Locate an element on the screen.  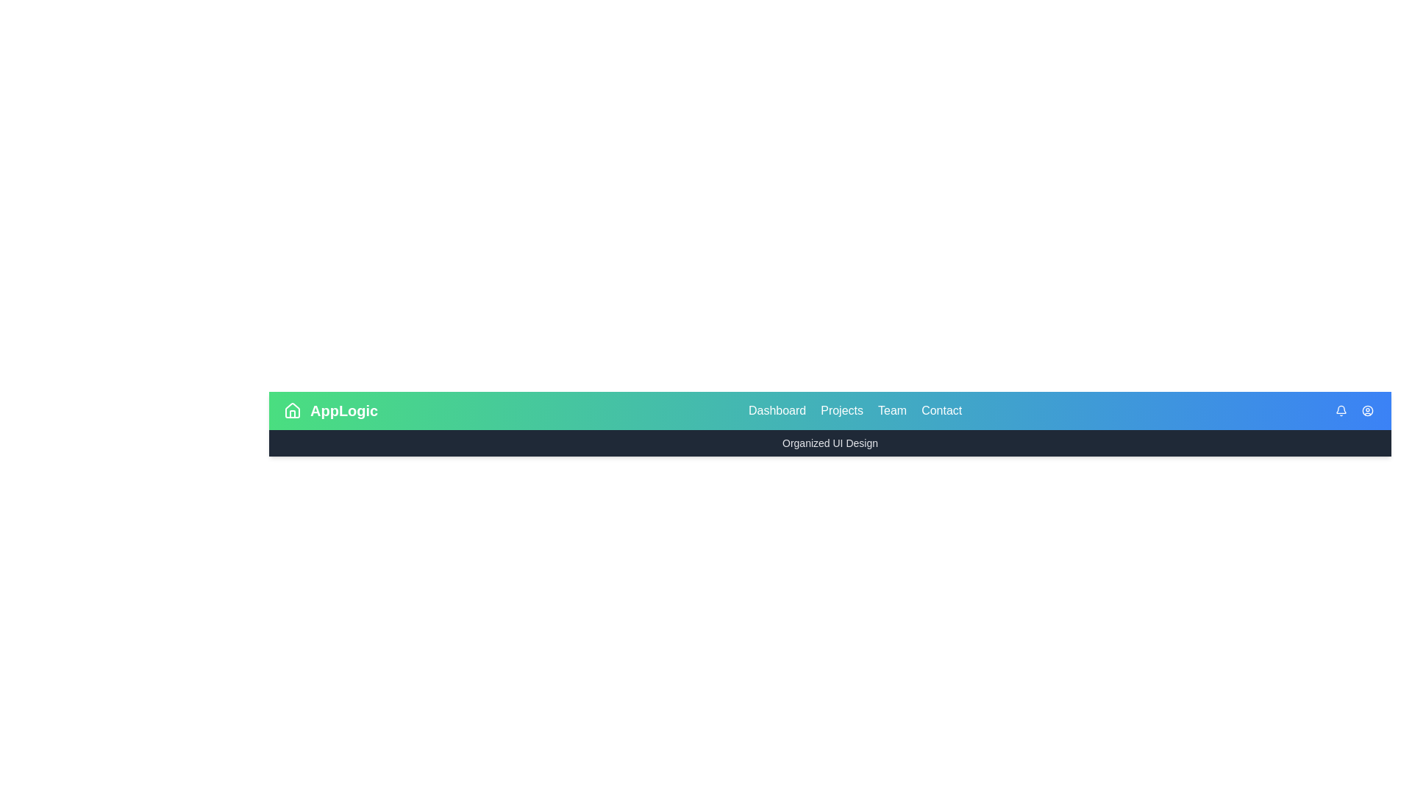
the interactive element Team to observe the visual response is located at coordinates (891, 411).